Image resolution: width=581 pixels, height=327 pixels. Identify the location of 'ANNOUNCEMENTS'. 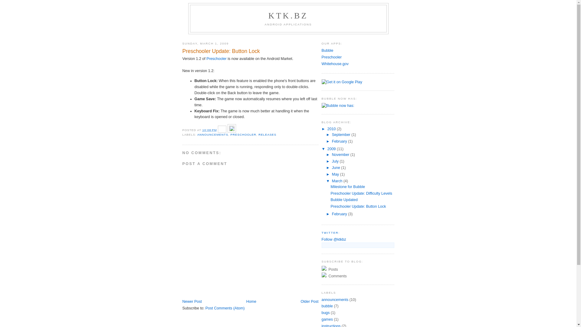
(212, 134).